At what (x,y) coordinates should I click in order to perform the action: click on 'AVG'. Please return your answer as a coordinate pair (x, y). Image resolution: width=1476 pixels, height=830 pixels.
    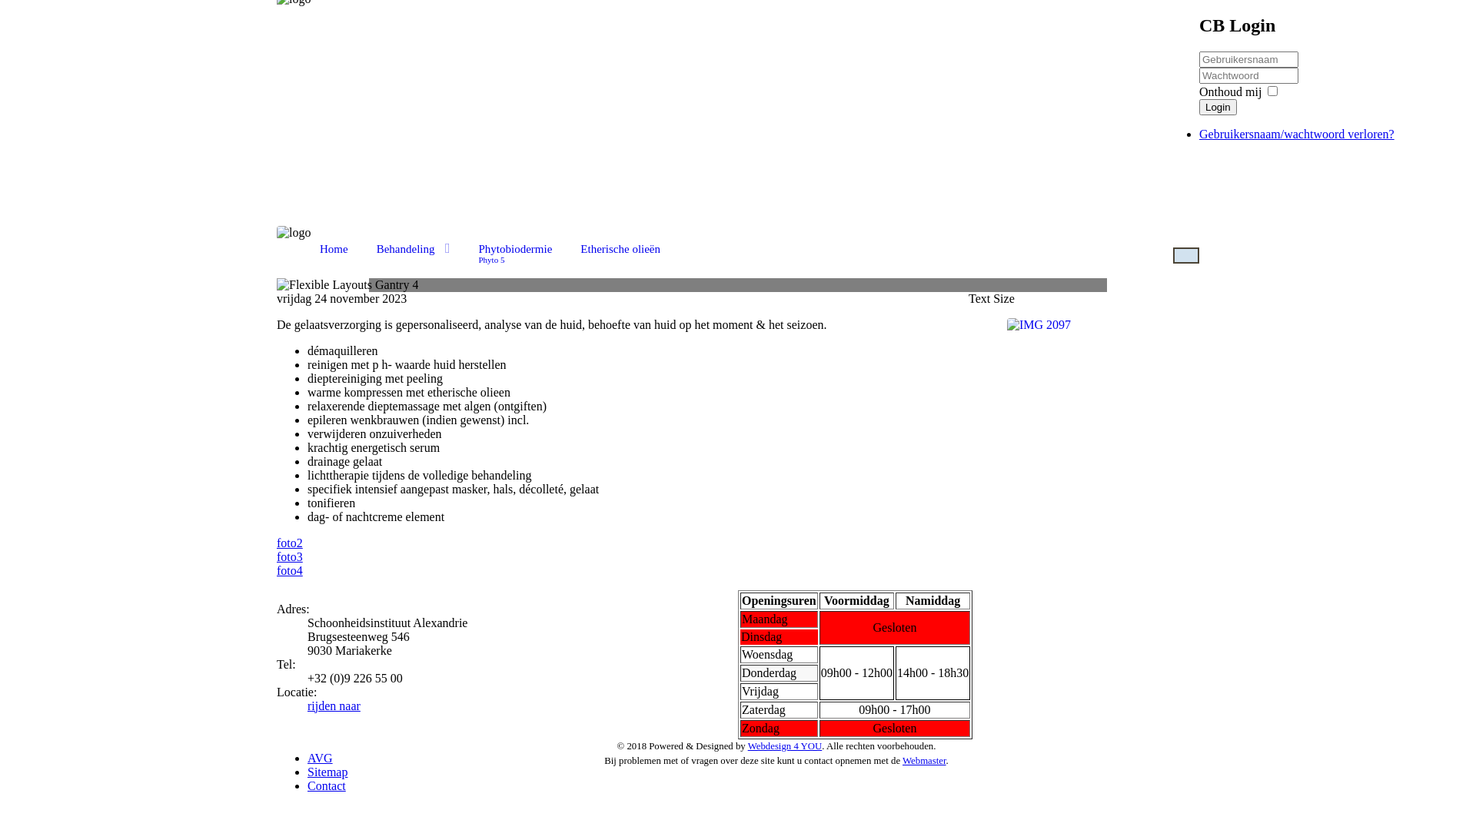
    Looking at the image, I should click on (319, 757).